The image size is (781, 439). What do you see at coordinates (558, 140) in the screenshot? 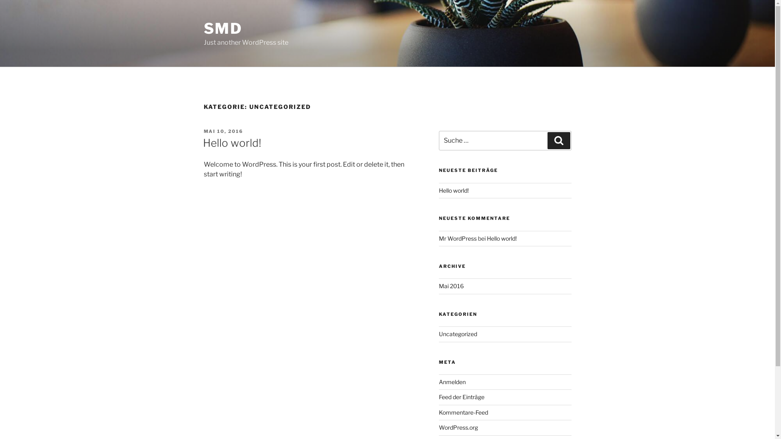
I see `'Suchen'` at bounding box center [558, 140].